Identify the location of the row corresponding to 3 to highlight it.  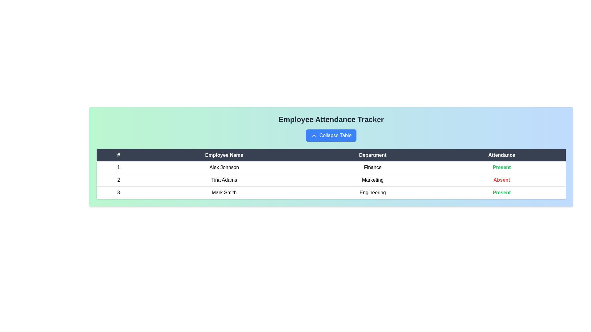
(331, 192).